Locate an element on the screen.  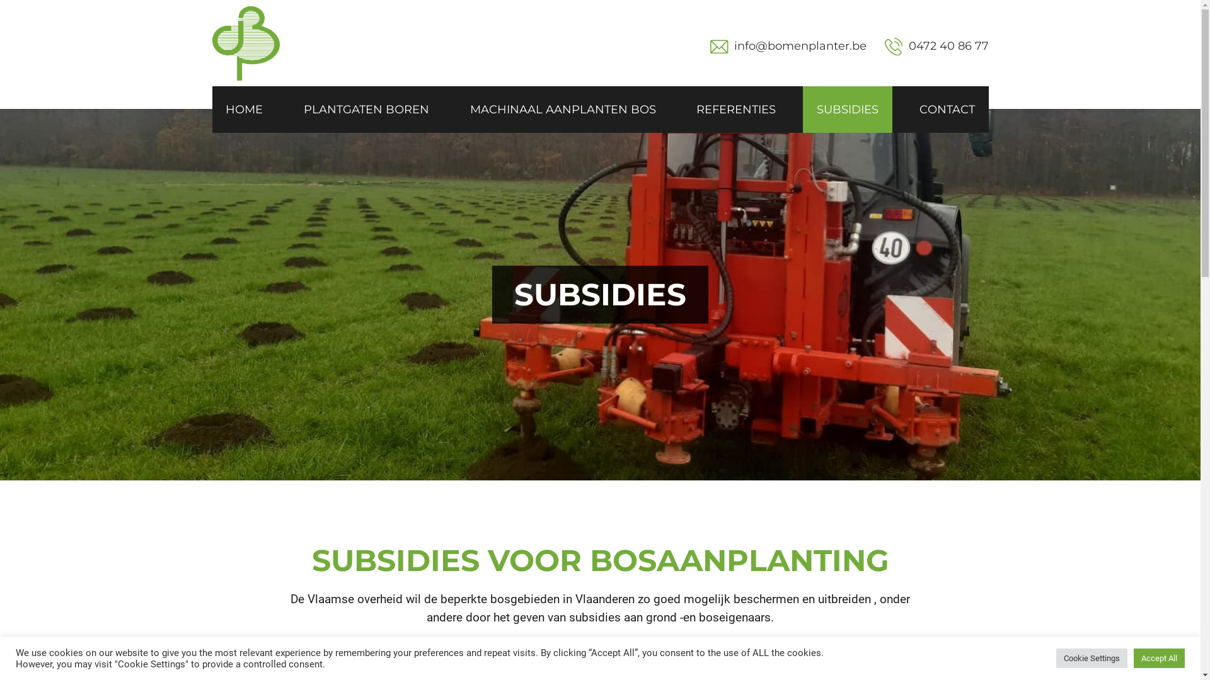
'HOME' is located at coordinates (244, 108).